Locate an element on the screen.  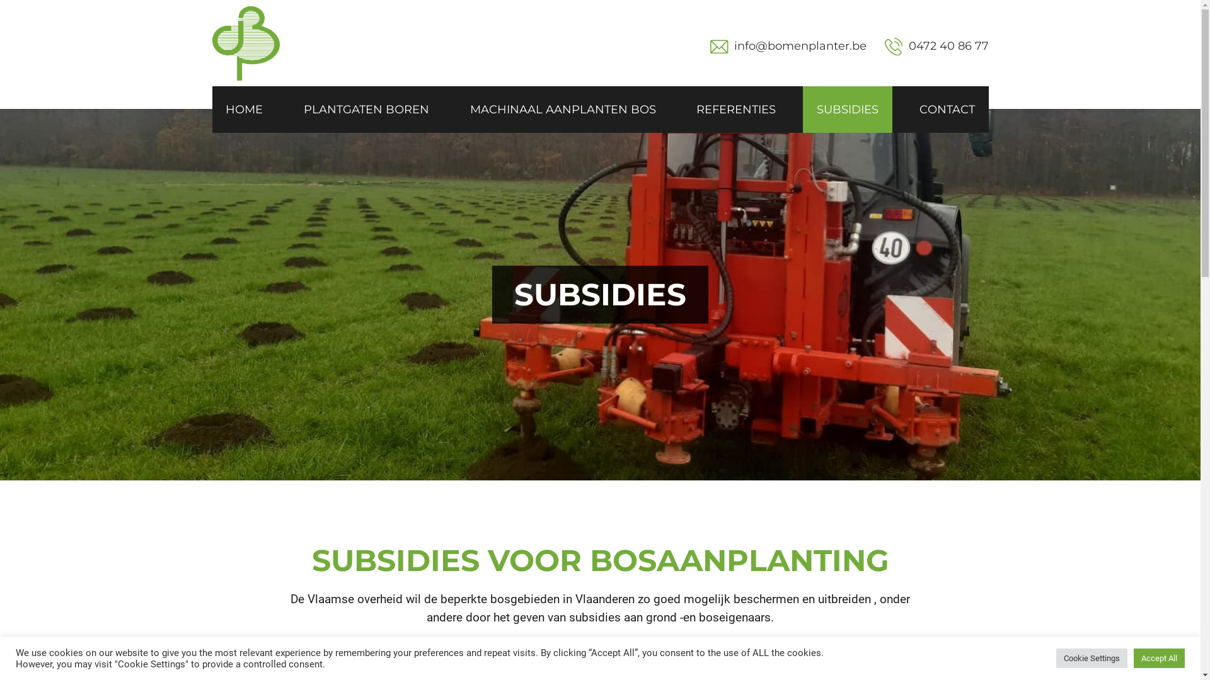
'HOME' is located at coordinates (244, 108).